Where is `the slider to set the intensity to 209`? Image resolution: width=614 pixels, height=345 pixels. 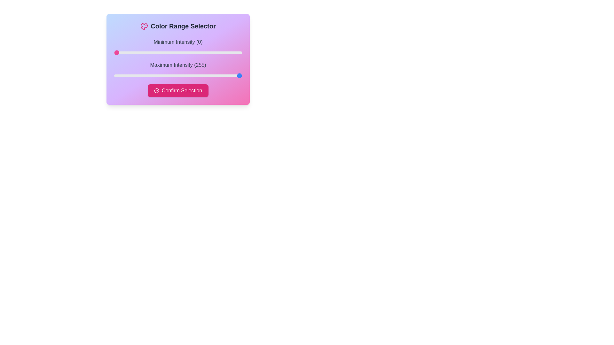 the slider to set the intensity to 209 is located at coordinates (219, 52).